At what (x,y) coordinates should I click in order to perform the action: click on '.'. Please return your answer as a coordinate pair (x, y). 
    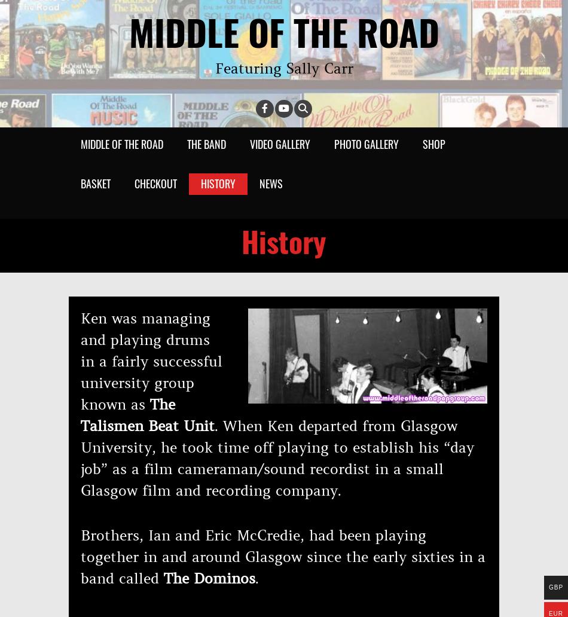
    Looking at the image, I should click on (256, 578).